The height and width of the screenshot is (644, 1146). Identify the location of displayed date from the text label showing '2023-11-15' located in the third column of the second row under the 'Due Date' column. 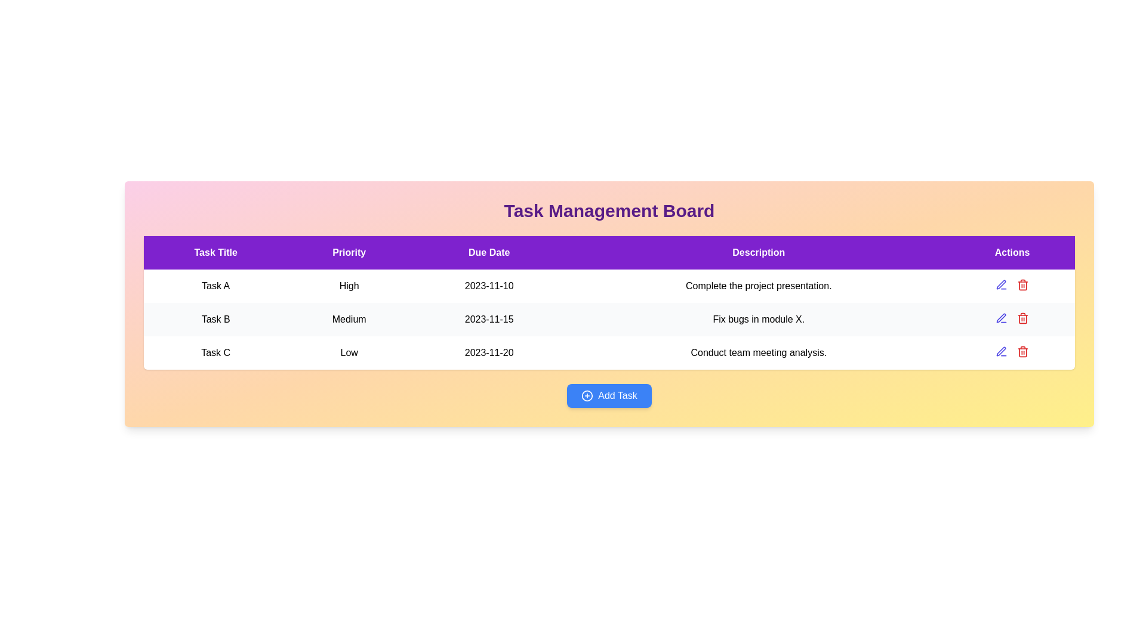
(489, 319).